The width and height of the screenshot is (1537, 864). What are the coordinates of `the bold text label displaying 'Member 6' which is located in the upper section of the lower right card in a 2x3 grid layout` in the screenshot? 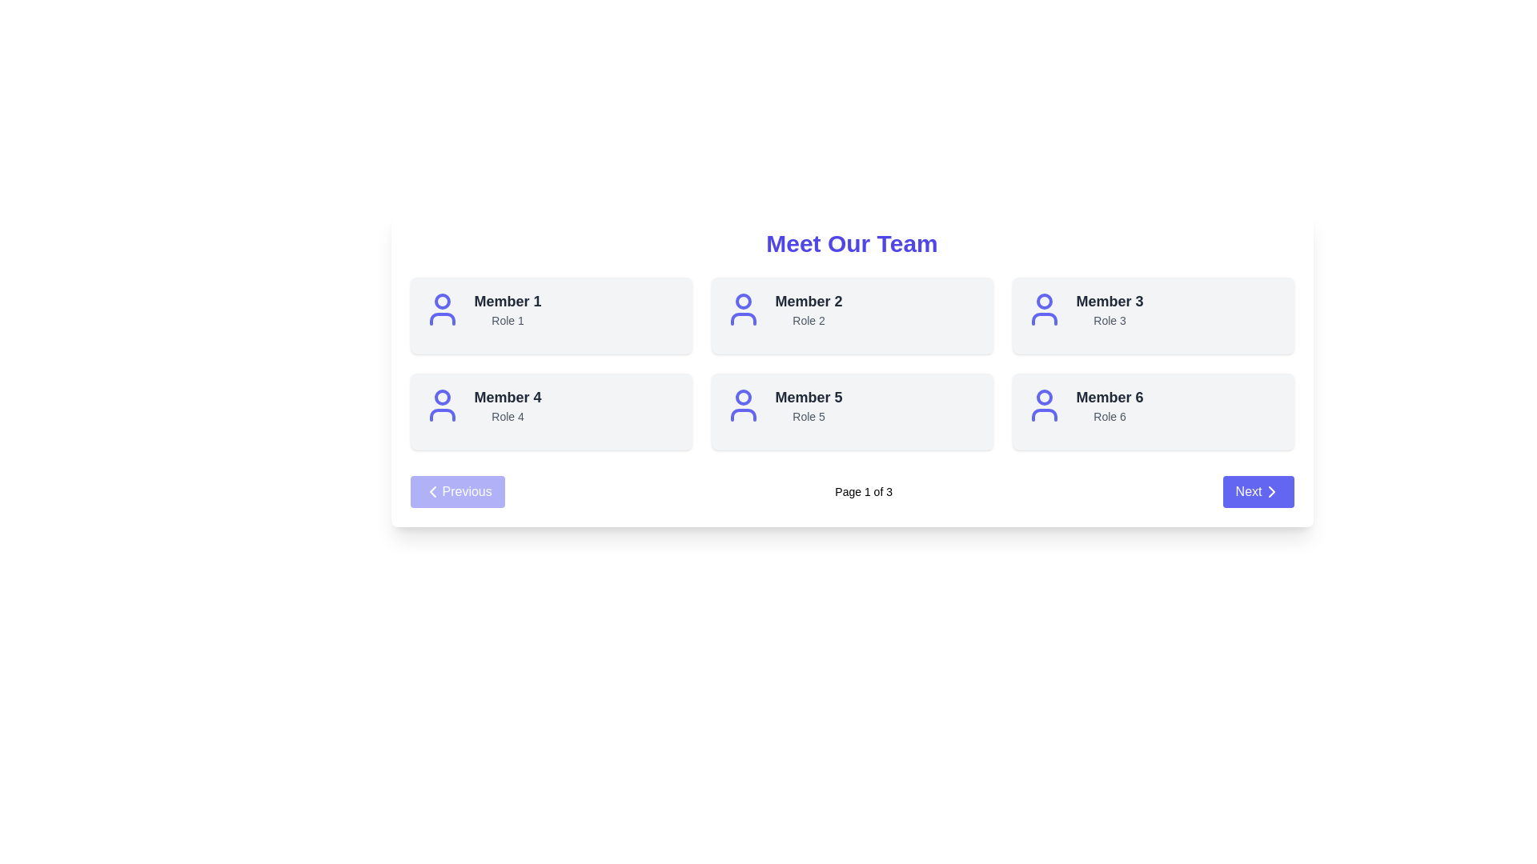 It's located at (1109, 397).